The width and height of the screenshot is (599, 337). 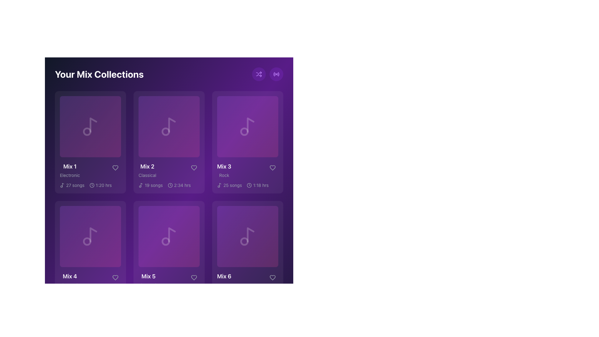 I want to click on text '27 songs' displayed in light typography on a dark purple background, located in the lower left corner of the 'Mix 1' section in the 'Your Mix Collections' grid layout, so click(x=75, y=185).